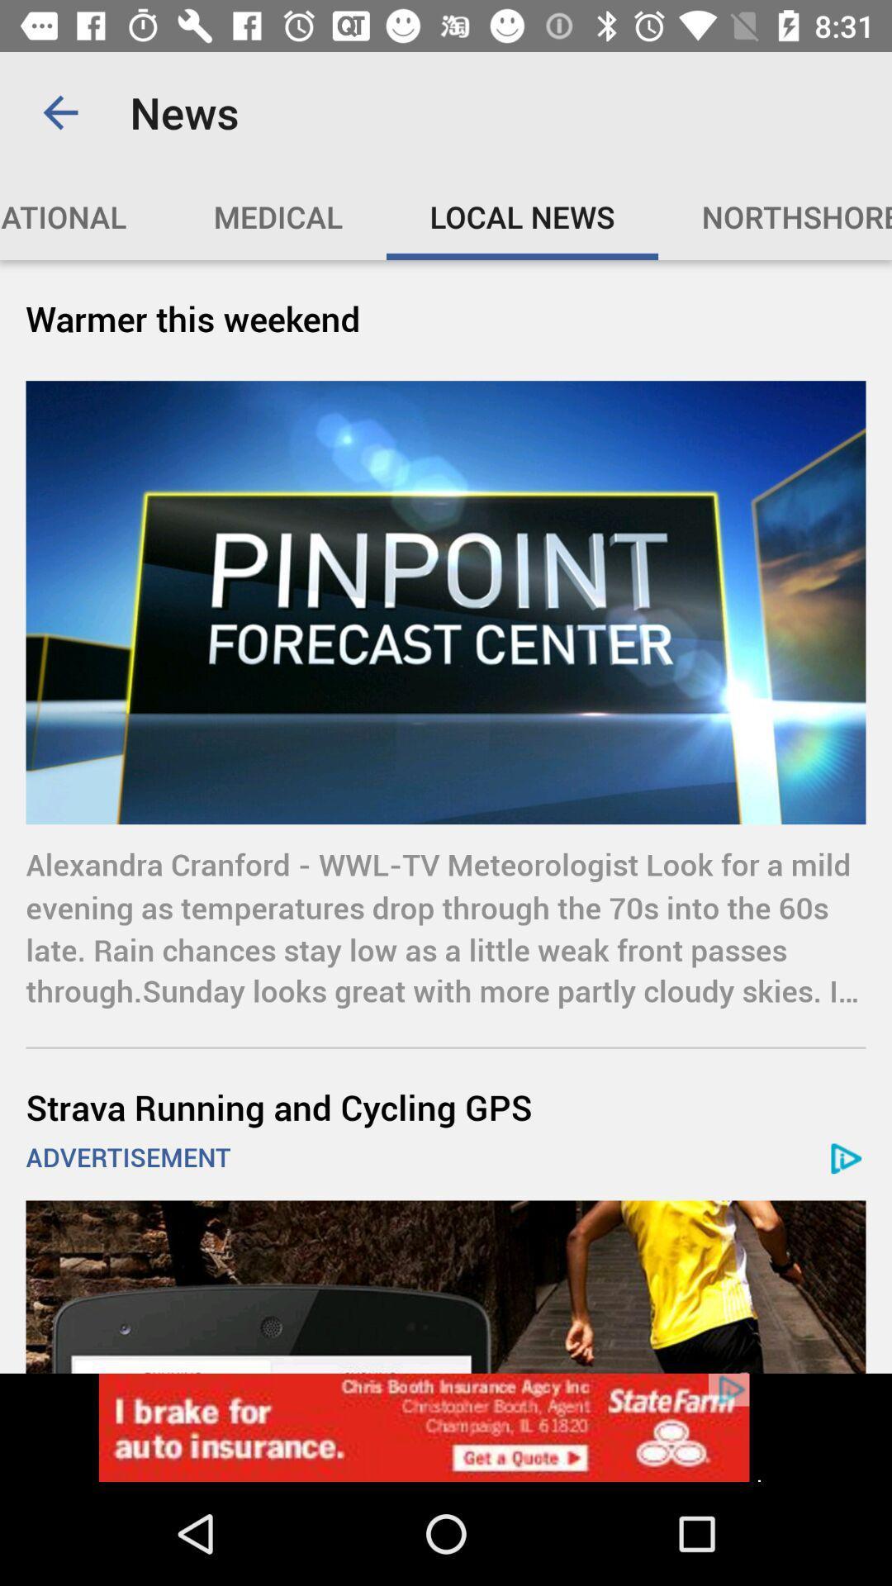 The height and width of the screenshot is (1586, 892). What do you see at coordinates (59, 112) in the screenshot?
I see `the item above national icon` at bounding box center [59, 112].